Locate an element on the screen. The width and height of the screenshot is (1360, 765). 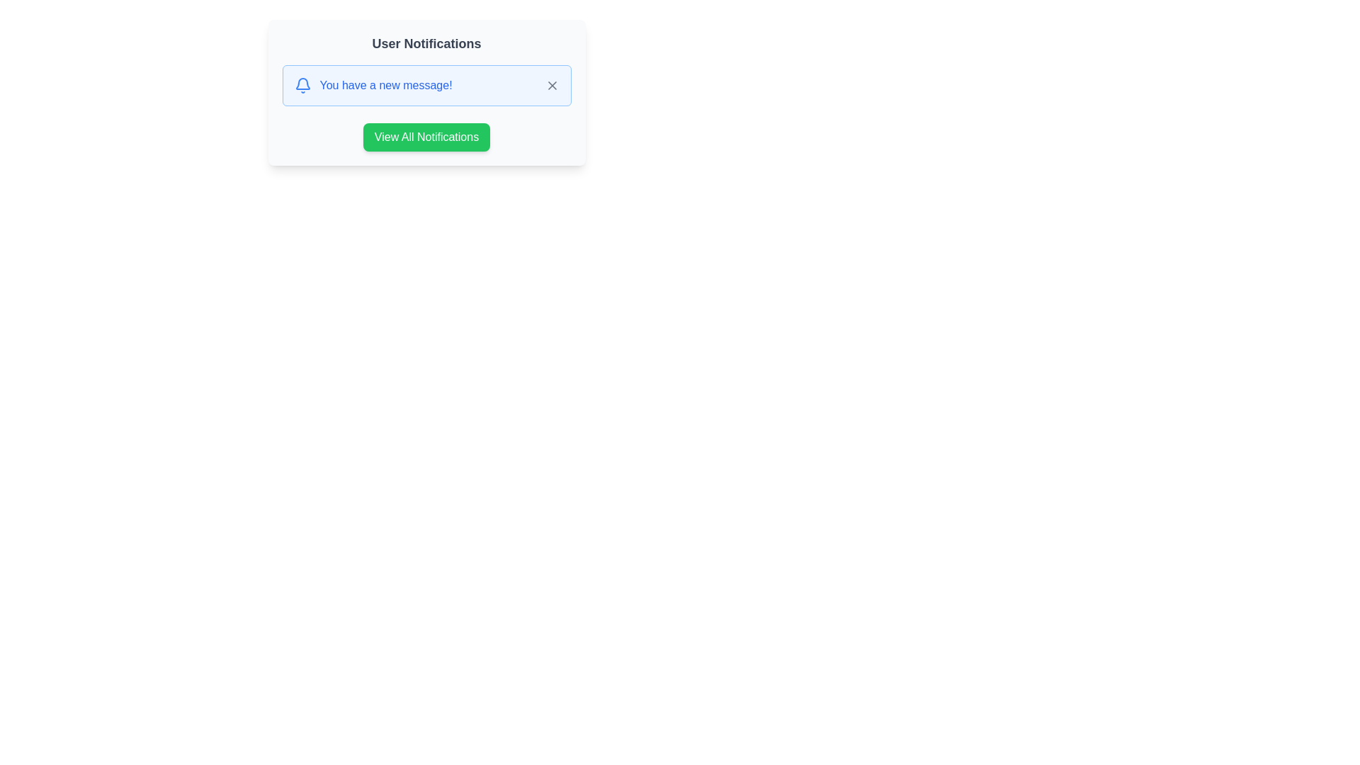
the dismiss button located in the top-right corner of the notification card that reads 'You have a new message!' to change its color is located at coordinates (551, 85).